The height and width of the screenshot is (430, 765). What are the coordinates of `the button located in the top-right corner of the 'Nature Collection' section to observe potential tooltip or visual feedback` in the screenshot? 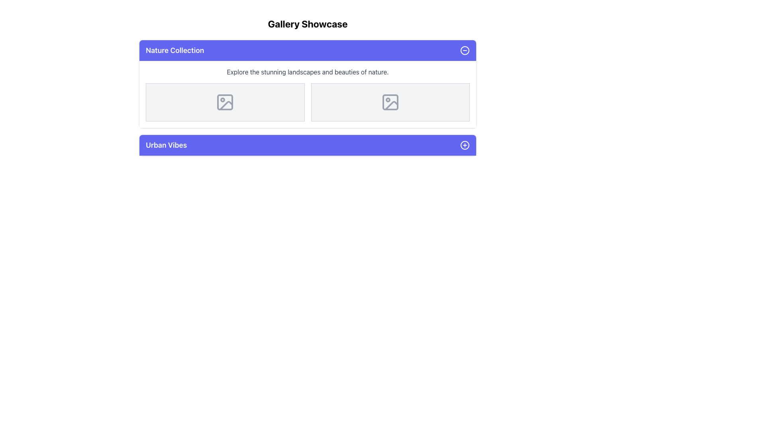 It's located at (465, 51).